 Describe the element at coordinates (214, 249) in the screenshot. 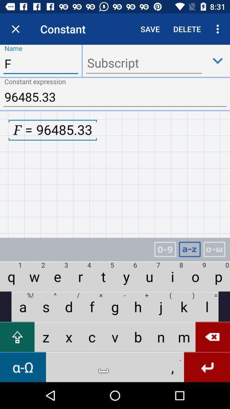

I see `greek alphabet` at that location.